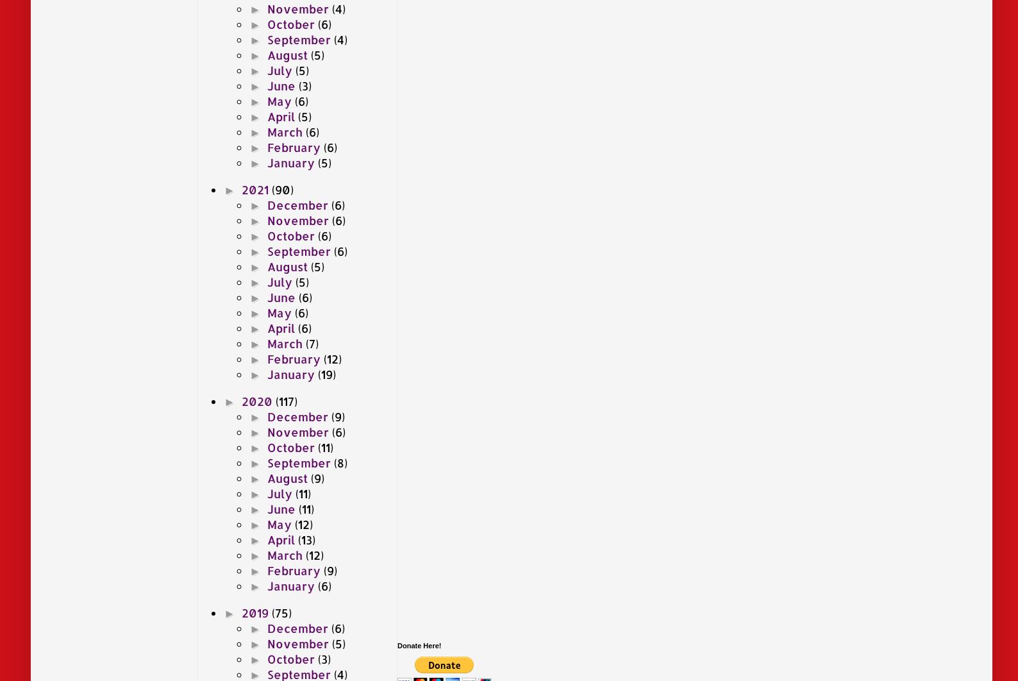  Describe the element at coordinates (419, 644) in the screenshot. I see `'Donate Here!'` at that location.